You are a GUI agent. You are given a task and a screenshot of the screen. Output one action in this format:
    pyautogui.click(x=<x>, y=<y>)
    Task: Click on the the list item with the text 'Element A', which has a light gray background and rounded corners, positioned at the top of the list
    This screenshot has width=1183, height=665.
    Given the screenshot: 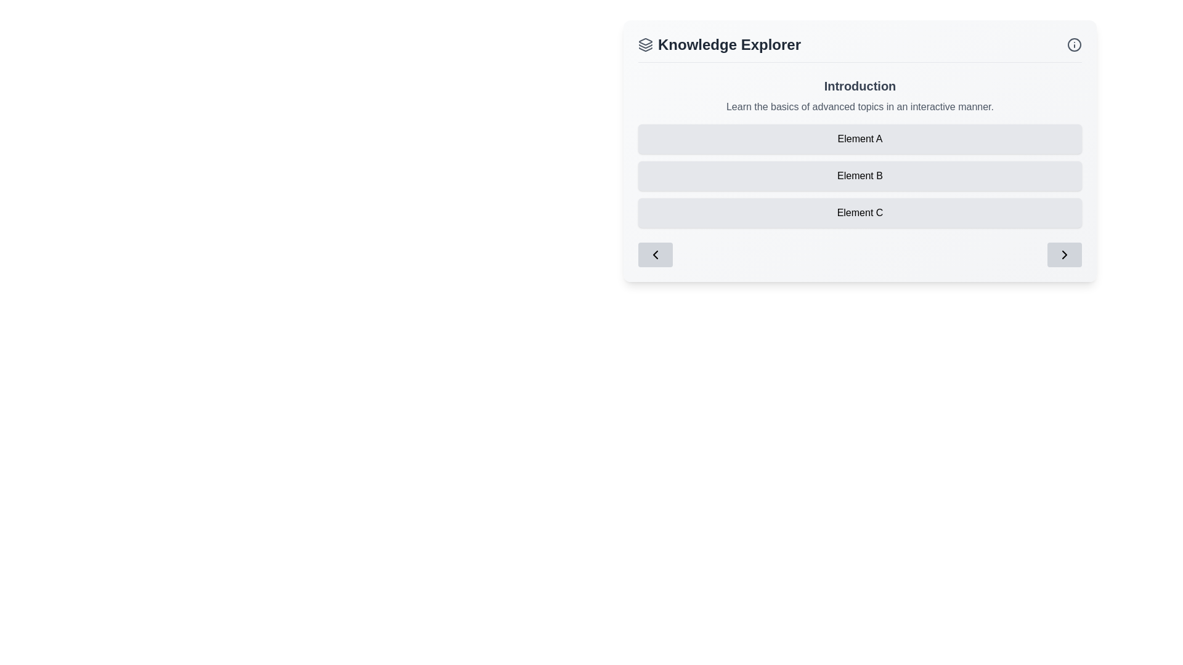 What is the action you would take?
    pyautogui.click(x=860, y=139)
    